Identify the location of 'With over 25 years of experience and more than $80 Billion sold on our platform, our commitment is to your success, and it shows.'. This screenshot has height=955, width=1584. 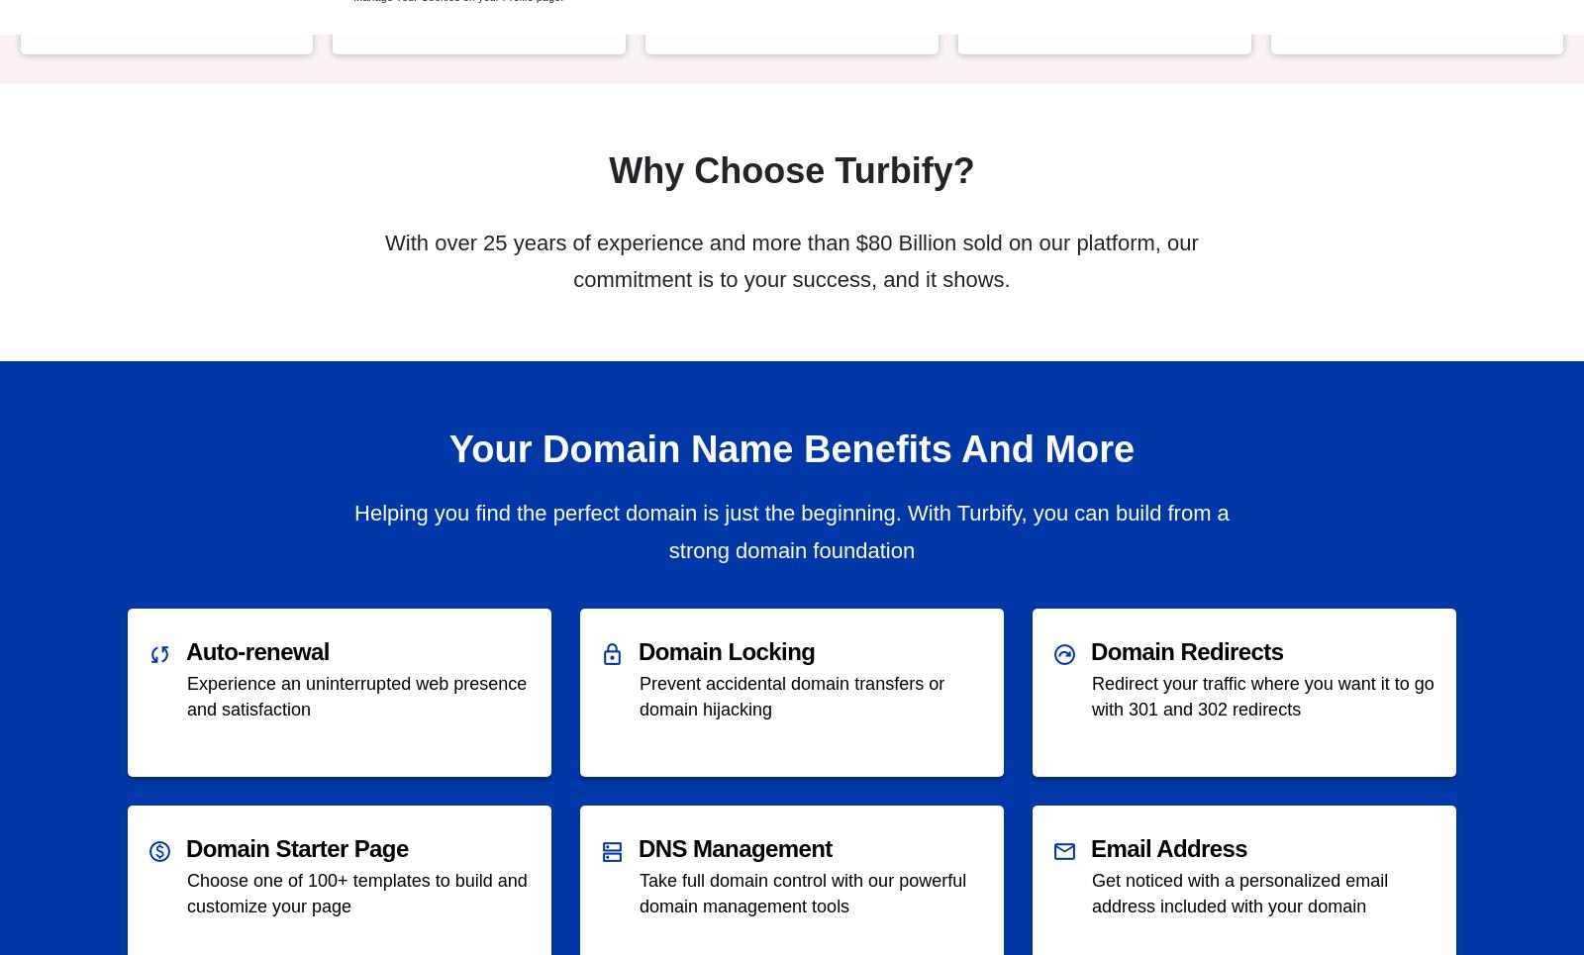
(791, 261).